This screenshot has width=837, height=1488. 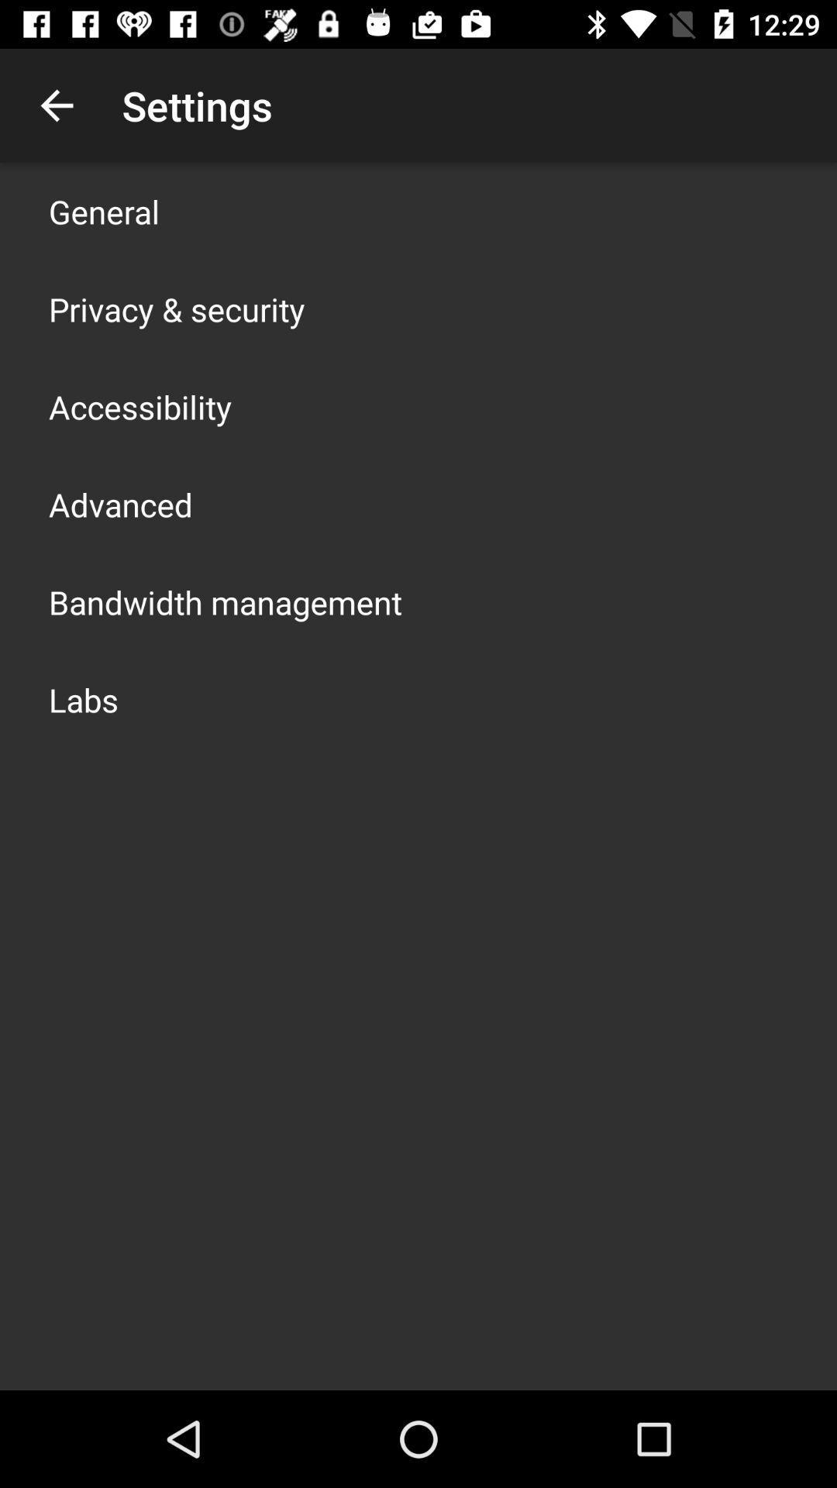 What do you see at coordinates (140, 406) in the screenshot?
I see `item below privacy & security item` at bounding box center [140, 406].